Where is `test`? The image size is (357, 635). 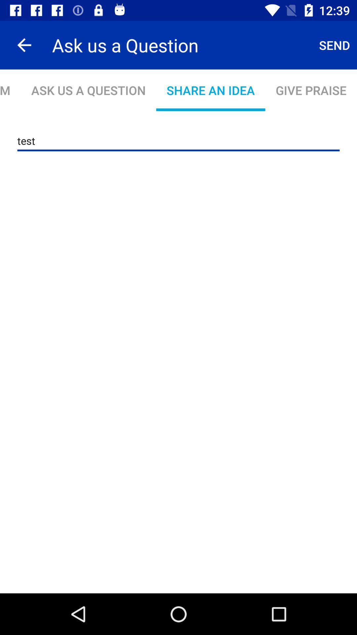 test is located at coordinates (178, 141).